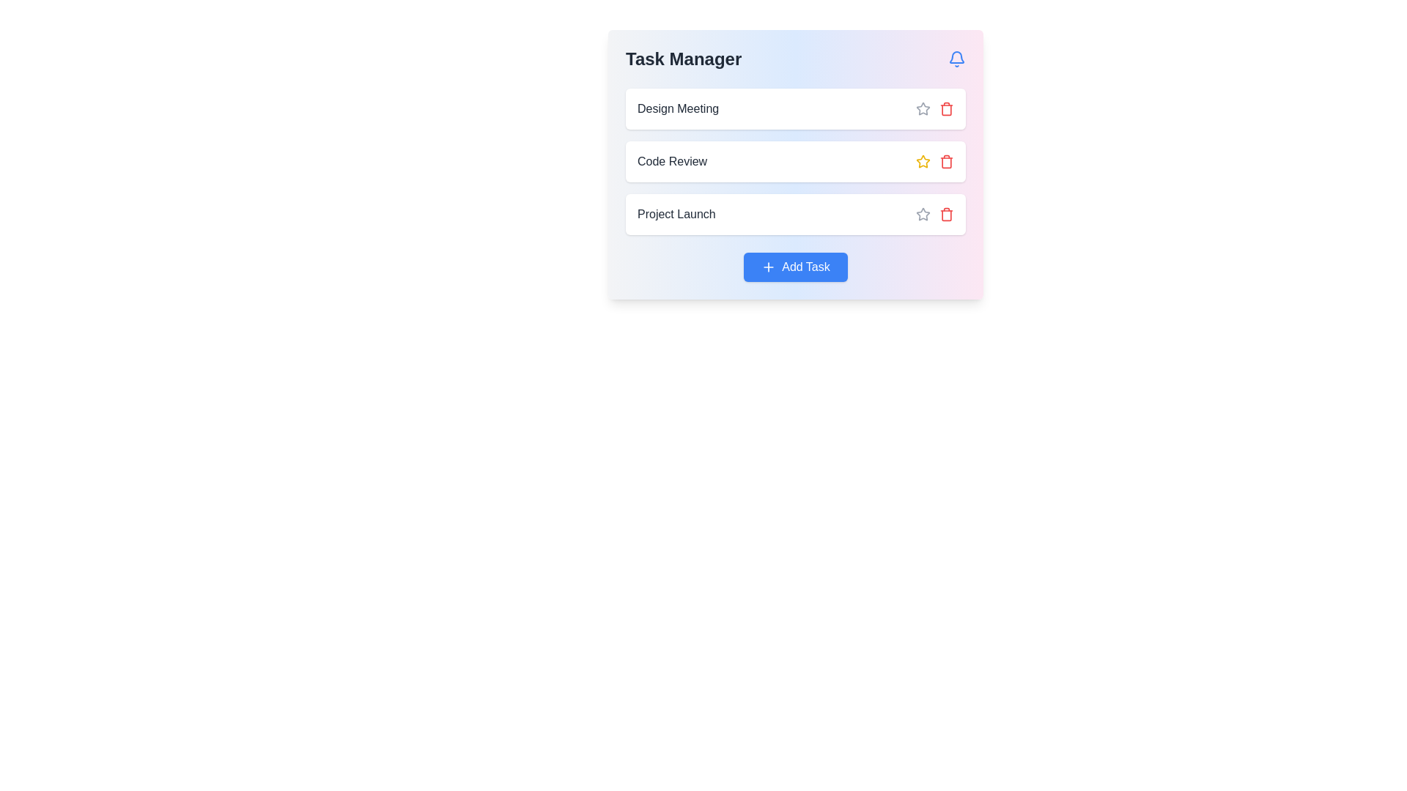  What do you see at coordinates (768, 267) in the screenshot?
I see `the plus icon inside the blue 'Add Task' button to observe its functionality` at bounding box center [768, 267].